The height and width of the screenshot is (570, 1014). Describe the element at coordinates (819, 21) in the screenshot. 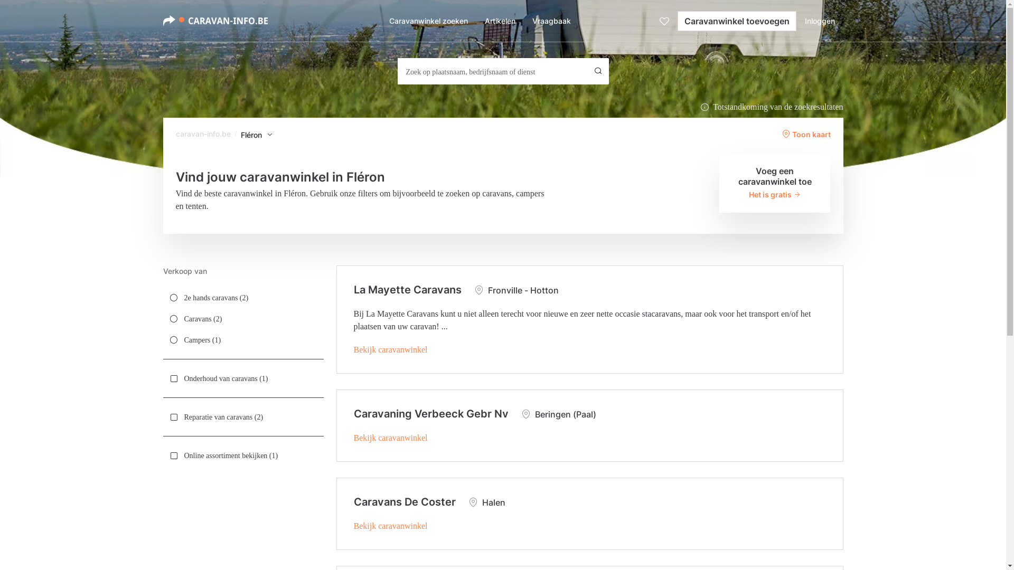

I see `'Inloggen'` at that location.